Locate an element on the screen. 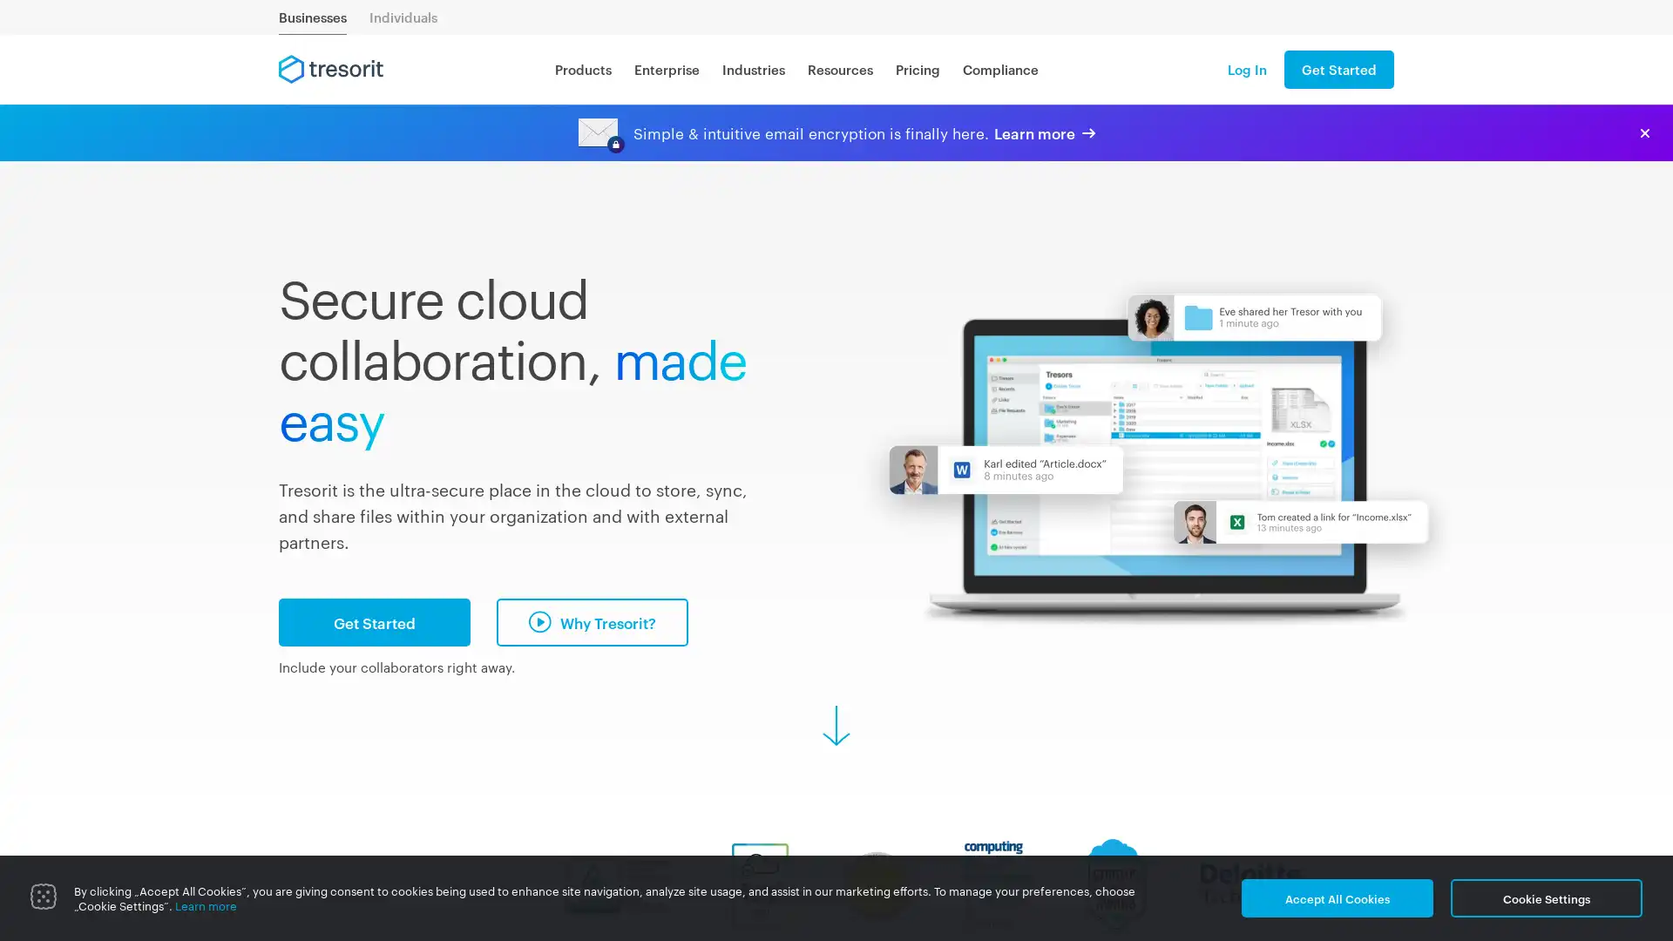  Cookie Settings is located at coordinates (1547, 897).